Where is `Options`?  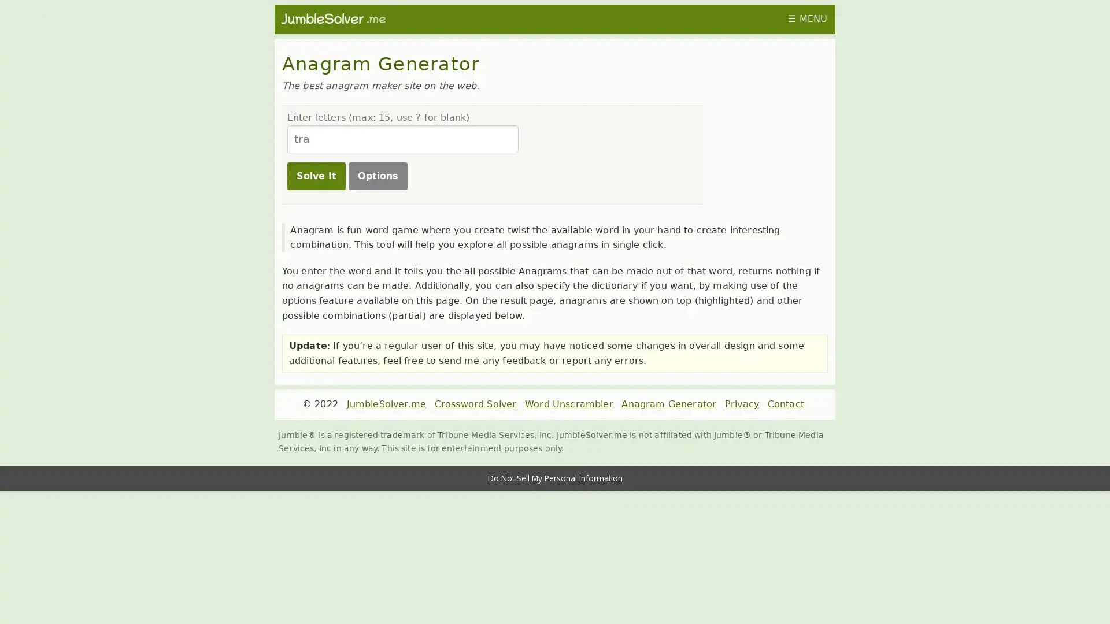
Options is located at coordinates (377, 176).